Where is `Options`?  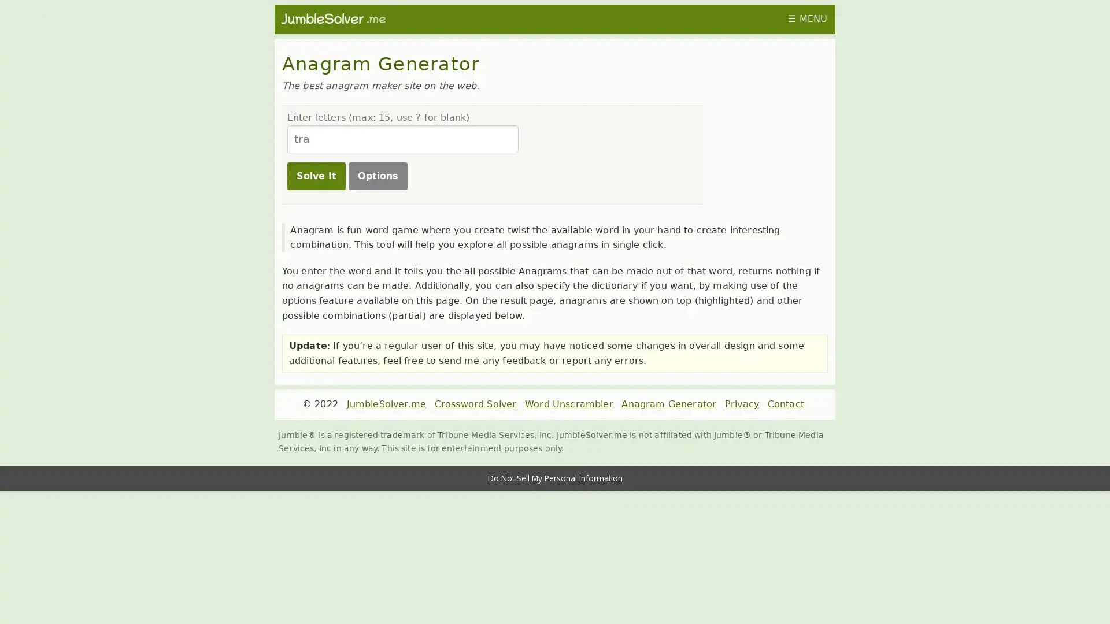
Options is located at coordinates (377, 176).